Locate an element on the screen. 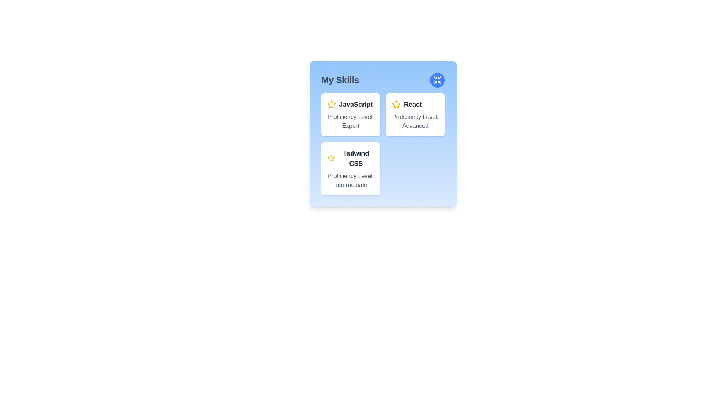 Image resolution: width=710 pixels, height=399 pixels. the Text Label with Icon displaying the programming skill 'JavaScript' and its importance indicated by a star icon, positioned in the top-left corner of the grid layout is located at coordinates (350, 104).